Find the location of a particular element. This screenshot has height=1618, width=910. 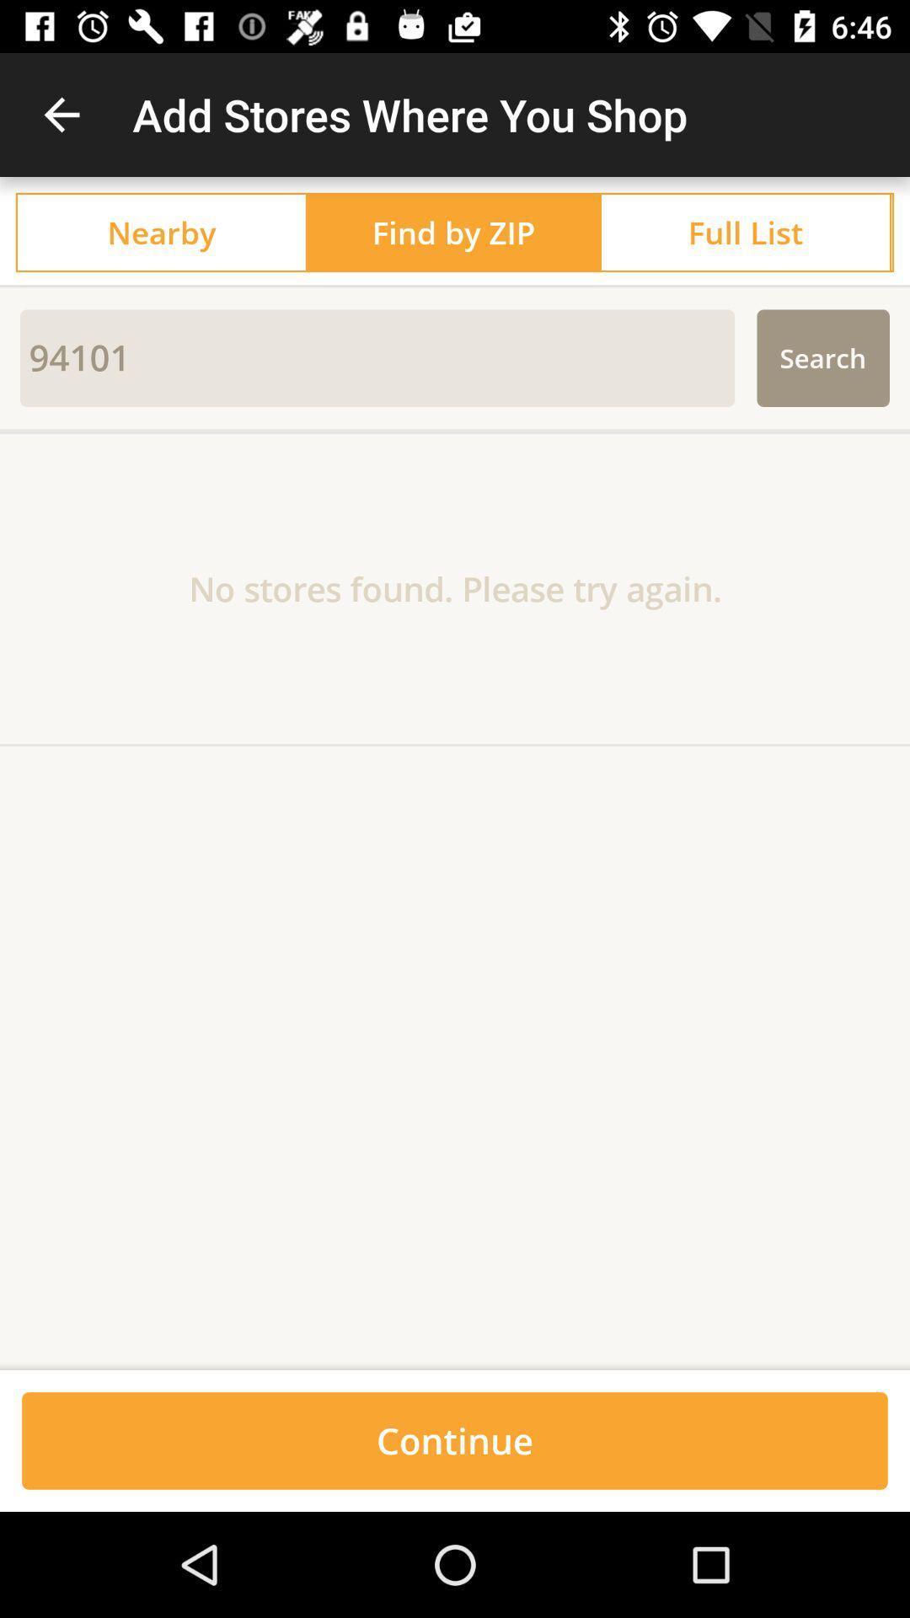

the item next to add stores where icon is located at coordinates (61, 114).